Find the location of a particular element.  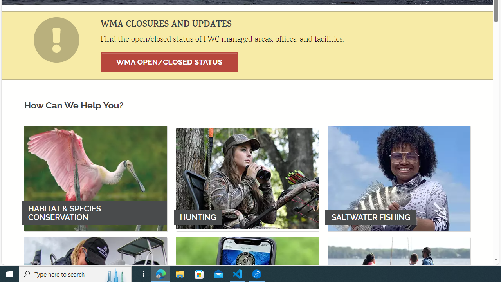

'SALTWATER FISHING' is located at coordinates (399, 178).